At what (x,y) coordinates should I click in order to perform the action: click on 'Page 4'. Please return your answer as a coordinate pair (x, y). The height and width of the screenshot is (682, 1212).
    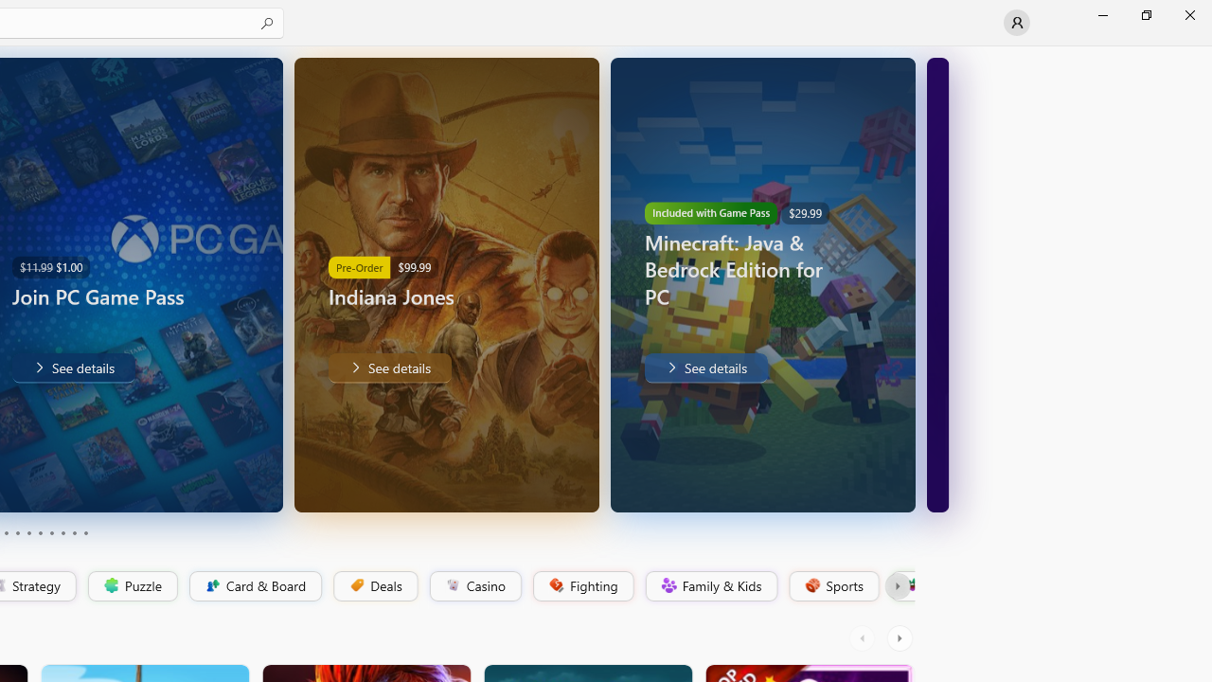
    Looking at the image, I should click on (16, 533).